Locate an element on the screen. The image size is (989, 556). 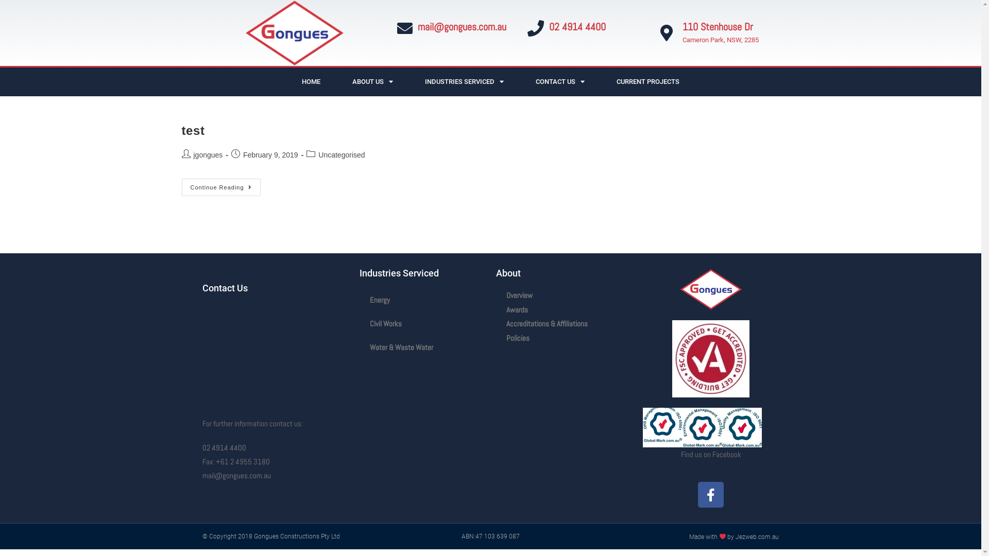
'Accreditations & Affiliations' is located at coordinates (563, 323).